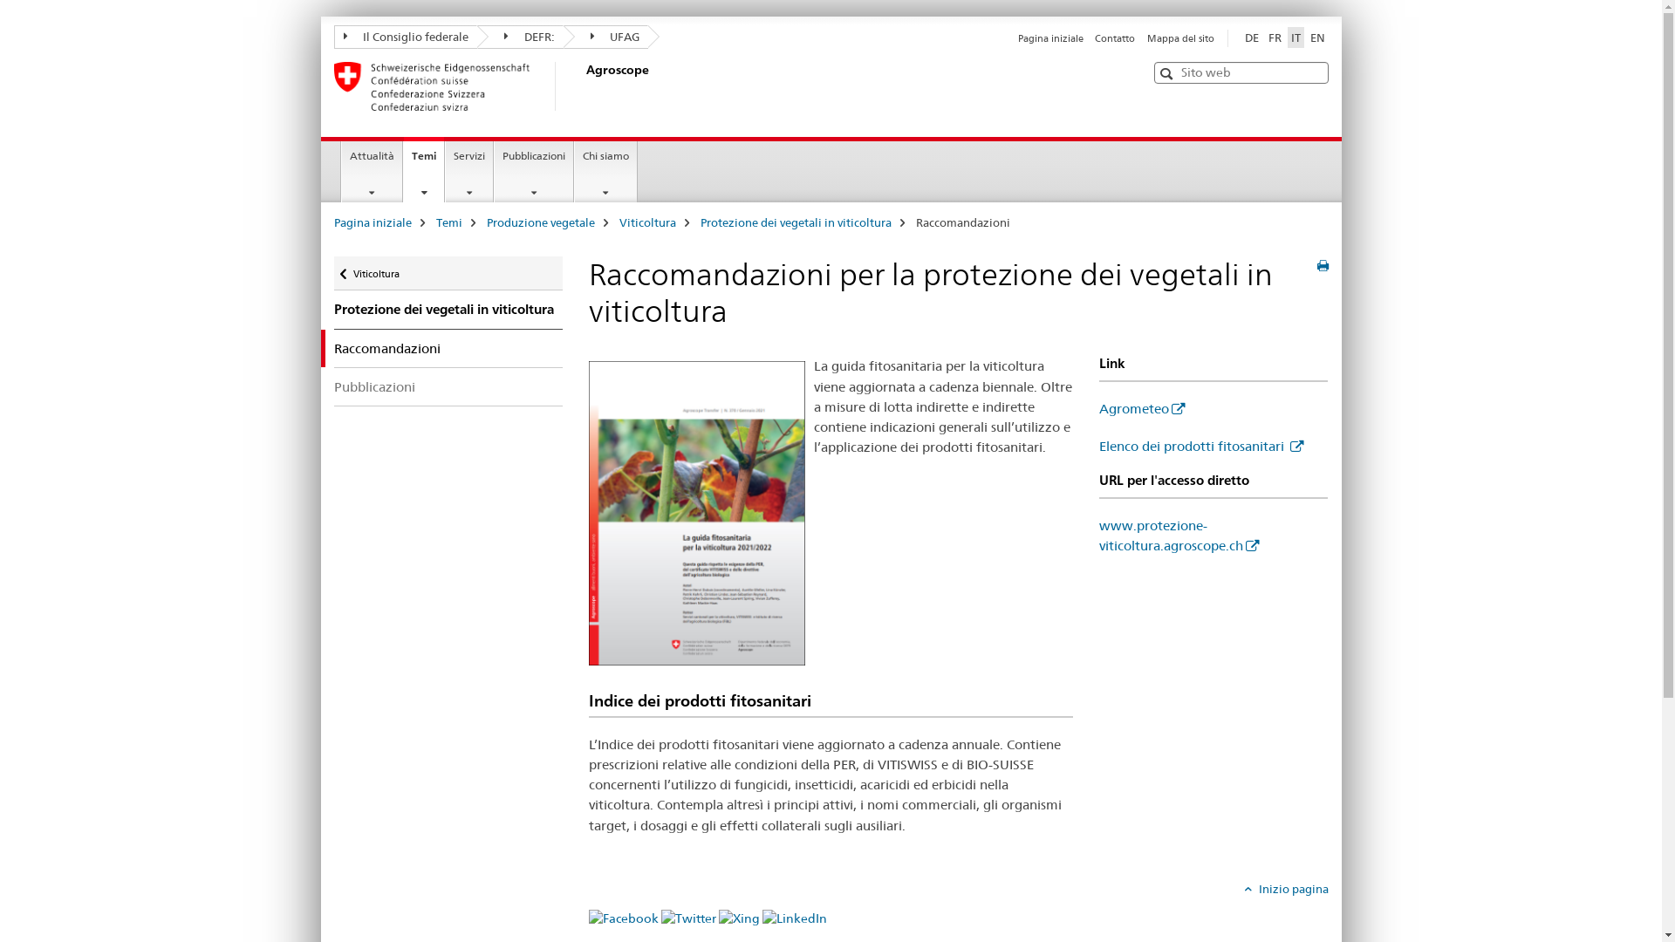 This screenshot has width=1675, height=942. What do you see at coordinates (448, 221) in the screenshot?
I see `'Temi'` at bounding box center [448, 221].